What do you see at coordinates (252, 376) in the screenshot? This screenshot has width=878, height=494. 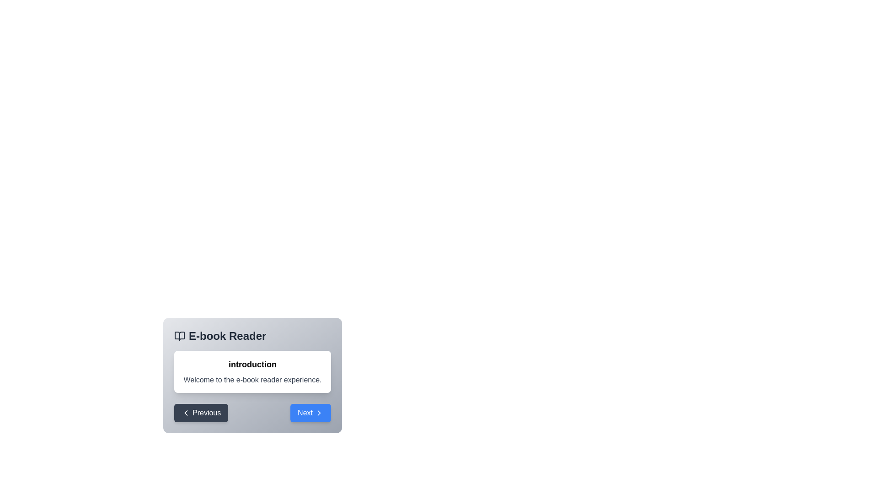 I see `content within the informational panel that displays the text 'introduction' and 'Welcome to the e-book reader experience.'` at bounding box center [252, 376].